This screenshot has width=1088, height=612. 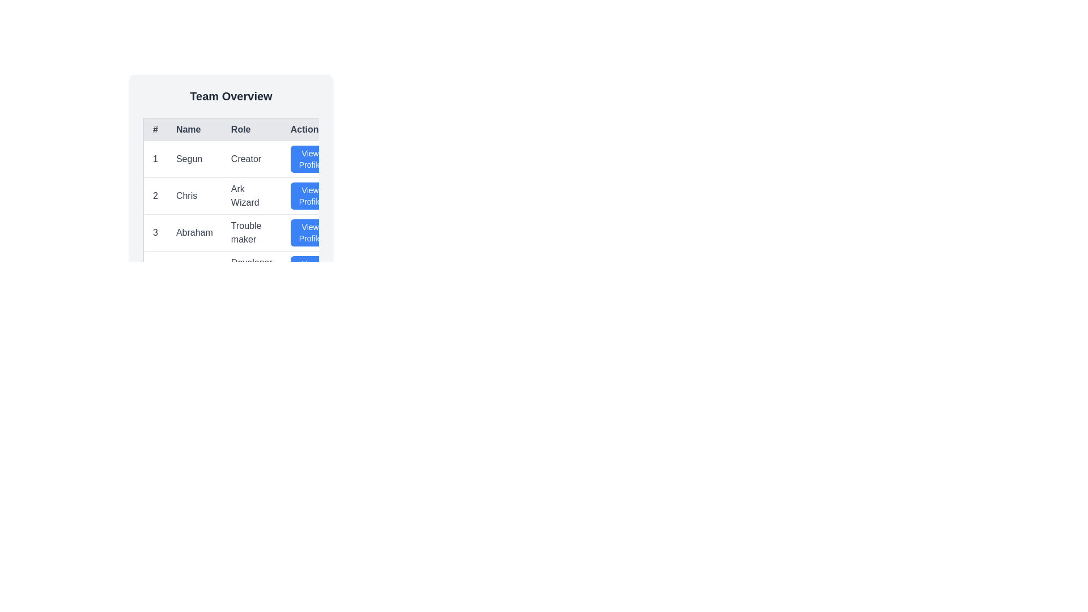 I want to click on the Text Label displaying the name of an individual in the first row and second column of the table under the 'Name' header, so click(x=194, y=159).